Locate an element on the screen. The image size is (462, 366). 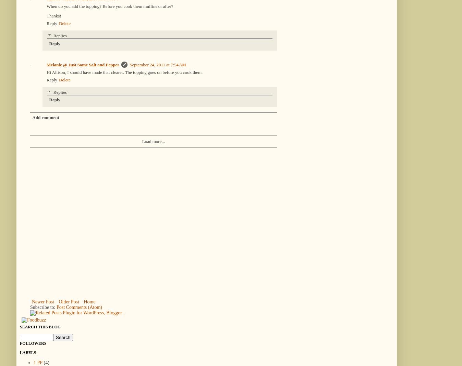
'Newer Post' is located at coordinates (42, 302).